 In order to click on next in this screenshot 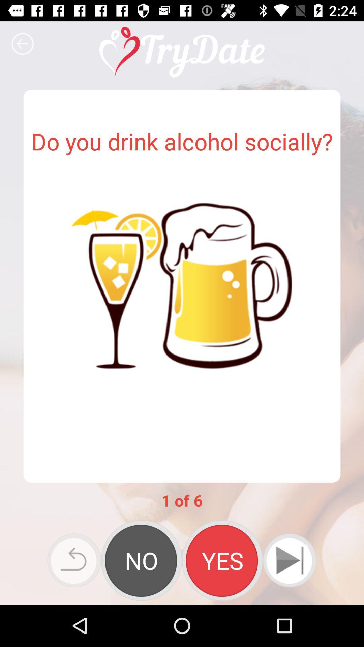, I will do `click(289, 560)`.